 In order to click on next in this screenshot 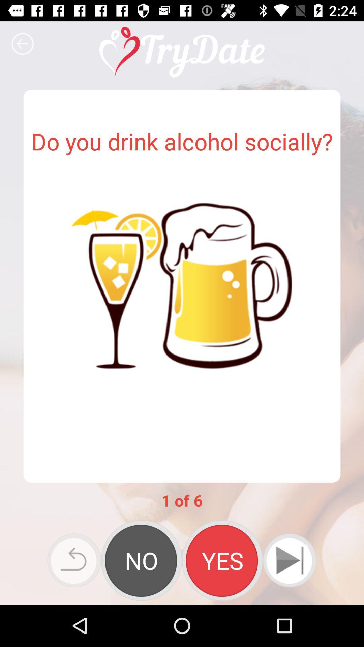, I will do `click(289, 560)`.